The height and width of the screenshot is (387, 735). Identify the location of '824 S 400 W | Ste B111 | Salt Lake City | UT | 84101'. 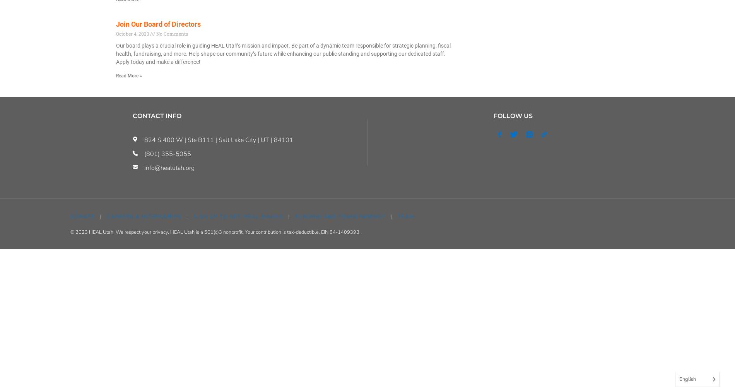
(218, 140).